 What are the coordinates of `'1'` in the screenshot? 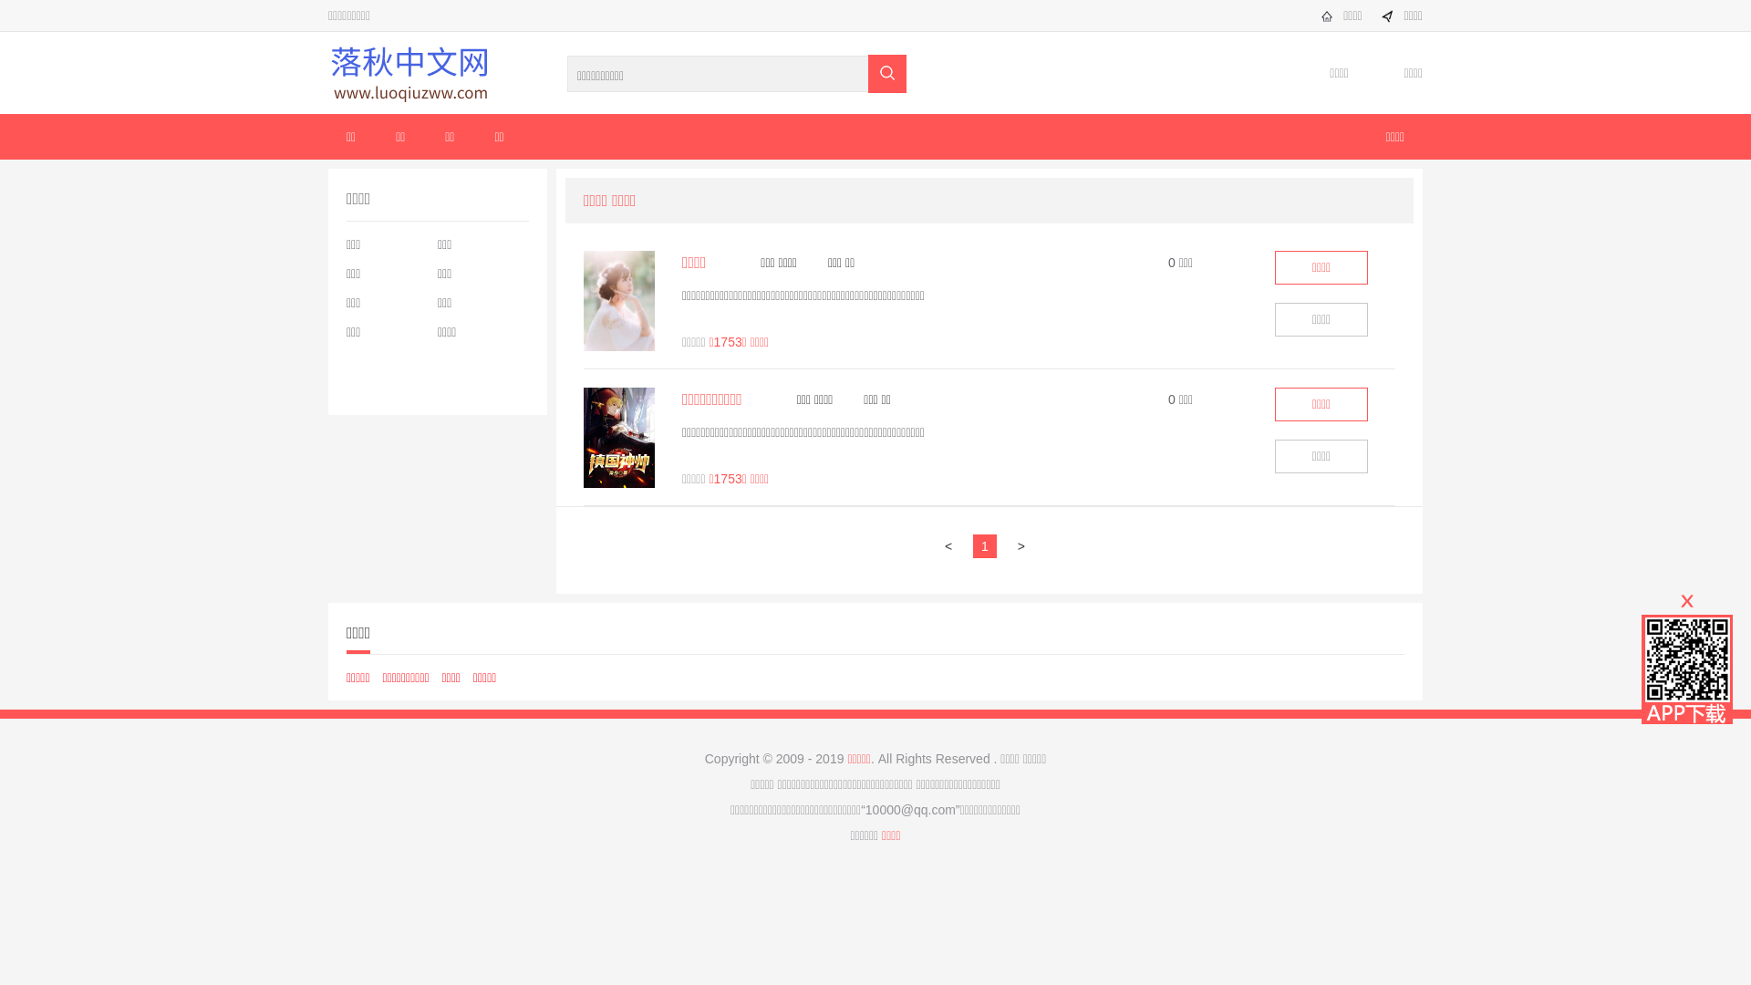 It's located at (989, 544).